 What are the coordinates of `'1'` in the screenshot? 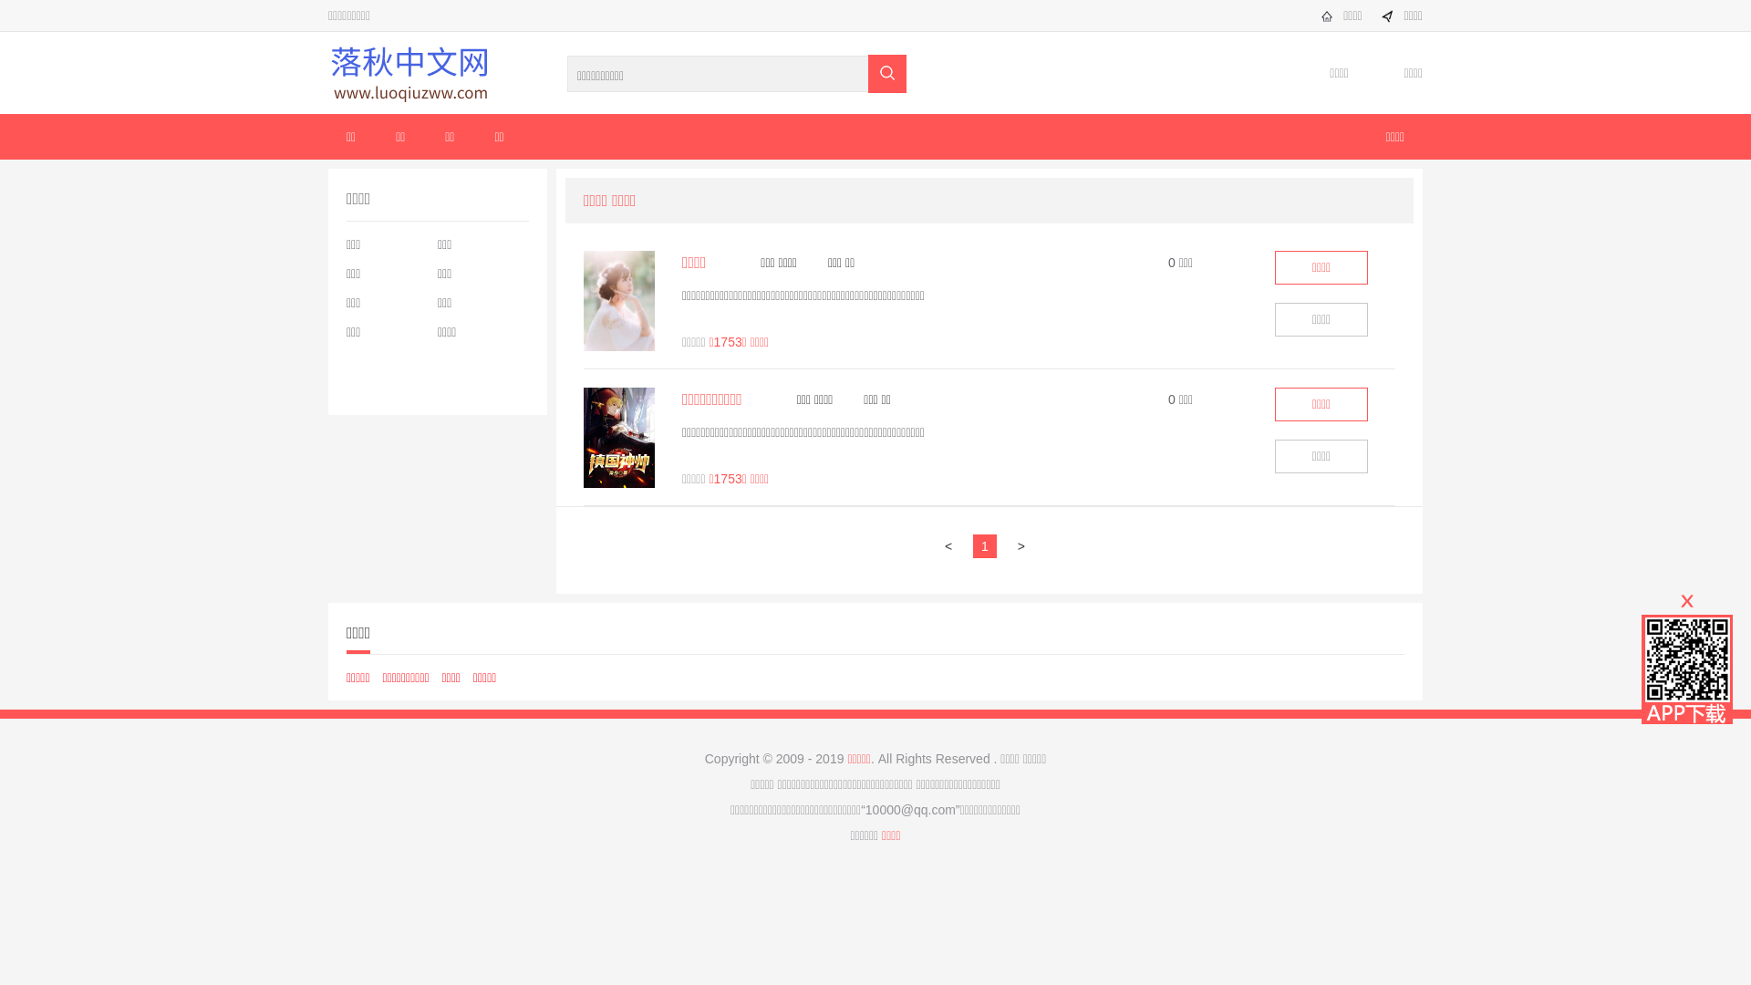 It's located at (989, 544).